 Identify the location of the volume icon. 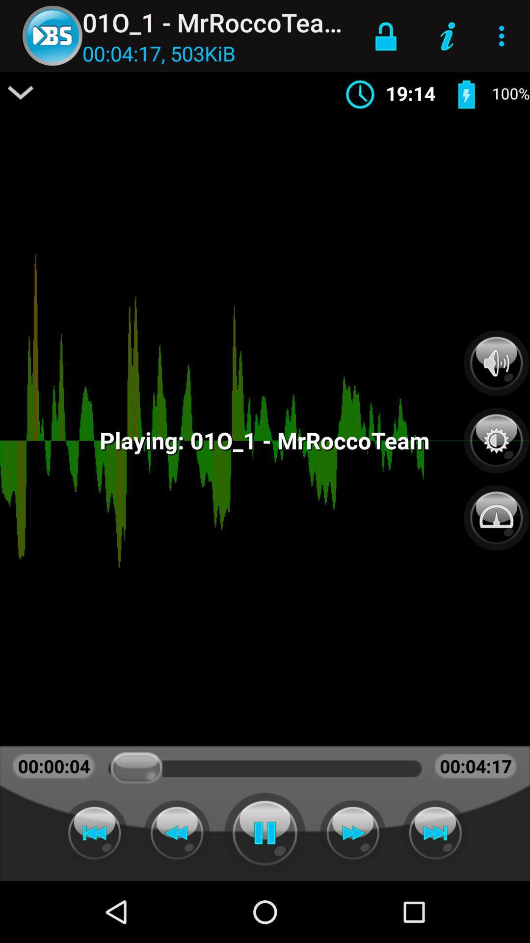
(496, 362).